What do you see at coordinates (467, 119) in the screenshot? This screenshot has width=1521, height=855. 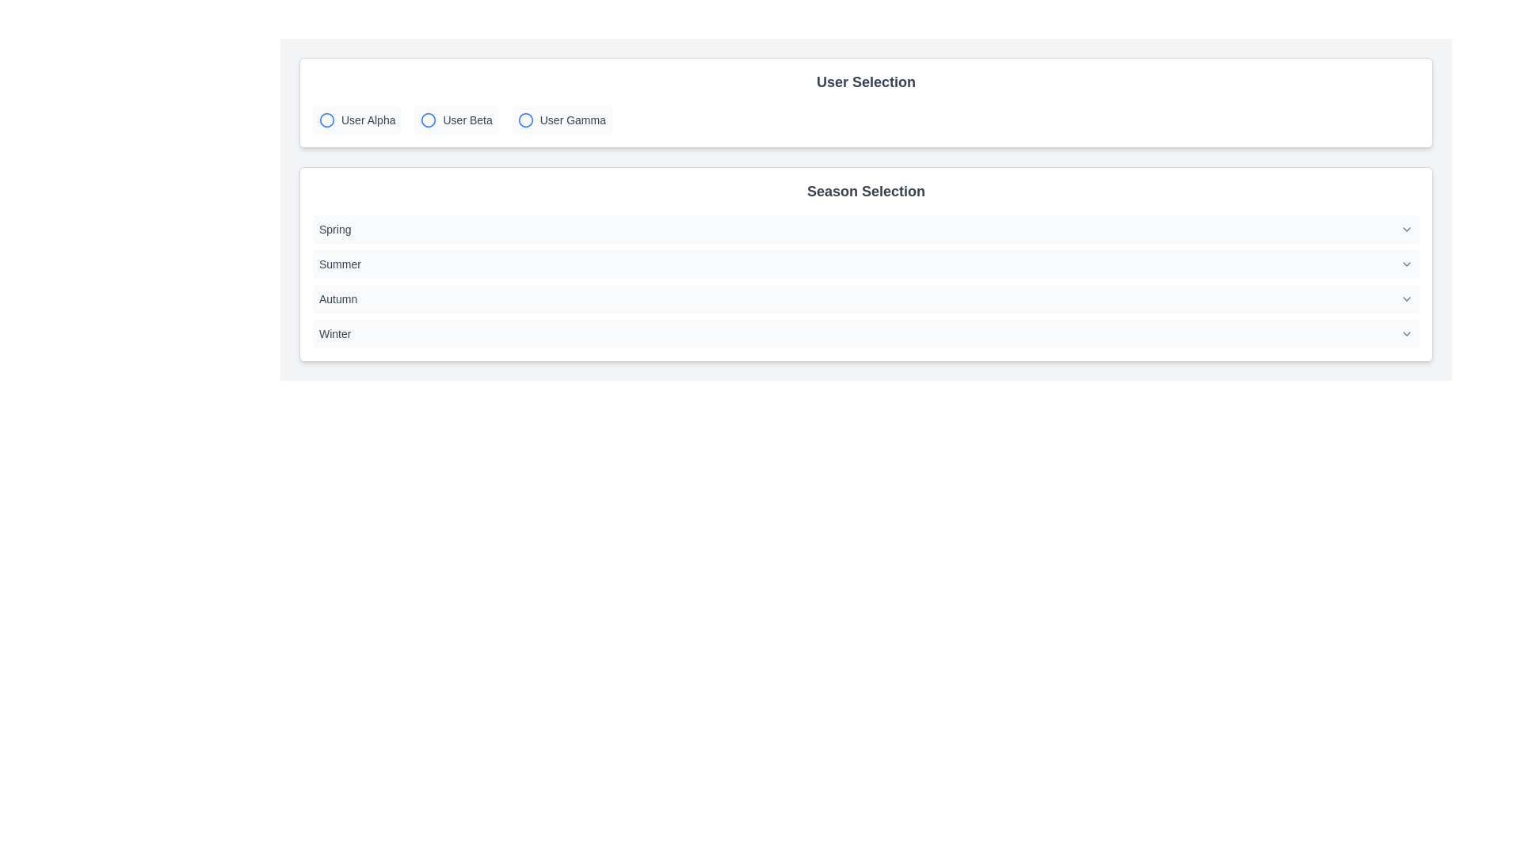 I see `the non-interactive text label displaying 'User Beta', located centrally in the upper part of the user selection section between 'User Alpha' and 'User Gamma'` at bounding box center [467, 119].